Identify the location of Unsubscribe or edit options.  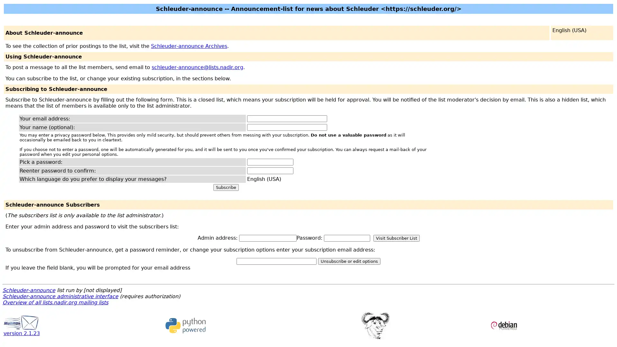
(349, 261).